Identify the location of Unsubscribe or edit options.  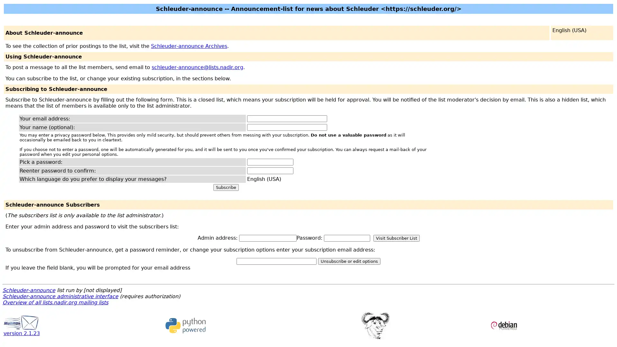
(349, 261).